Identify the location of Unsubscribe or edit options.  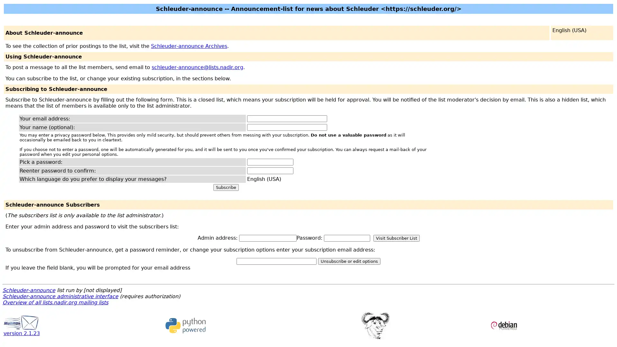
(349, 261).